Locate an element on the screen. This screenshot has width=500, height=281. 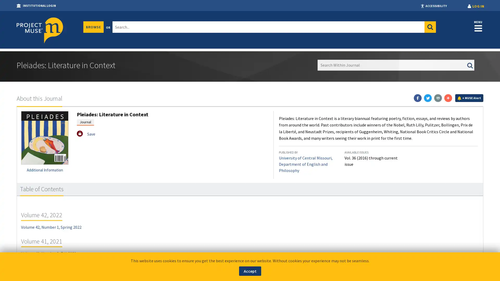
search icon is located at coordinates (430, 27).